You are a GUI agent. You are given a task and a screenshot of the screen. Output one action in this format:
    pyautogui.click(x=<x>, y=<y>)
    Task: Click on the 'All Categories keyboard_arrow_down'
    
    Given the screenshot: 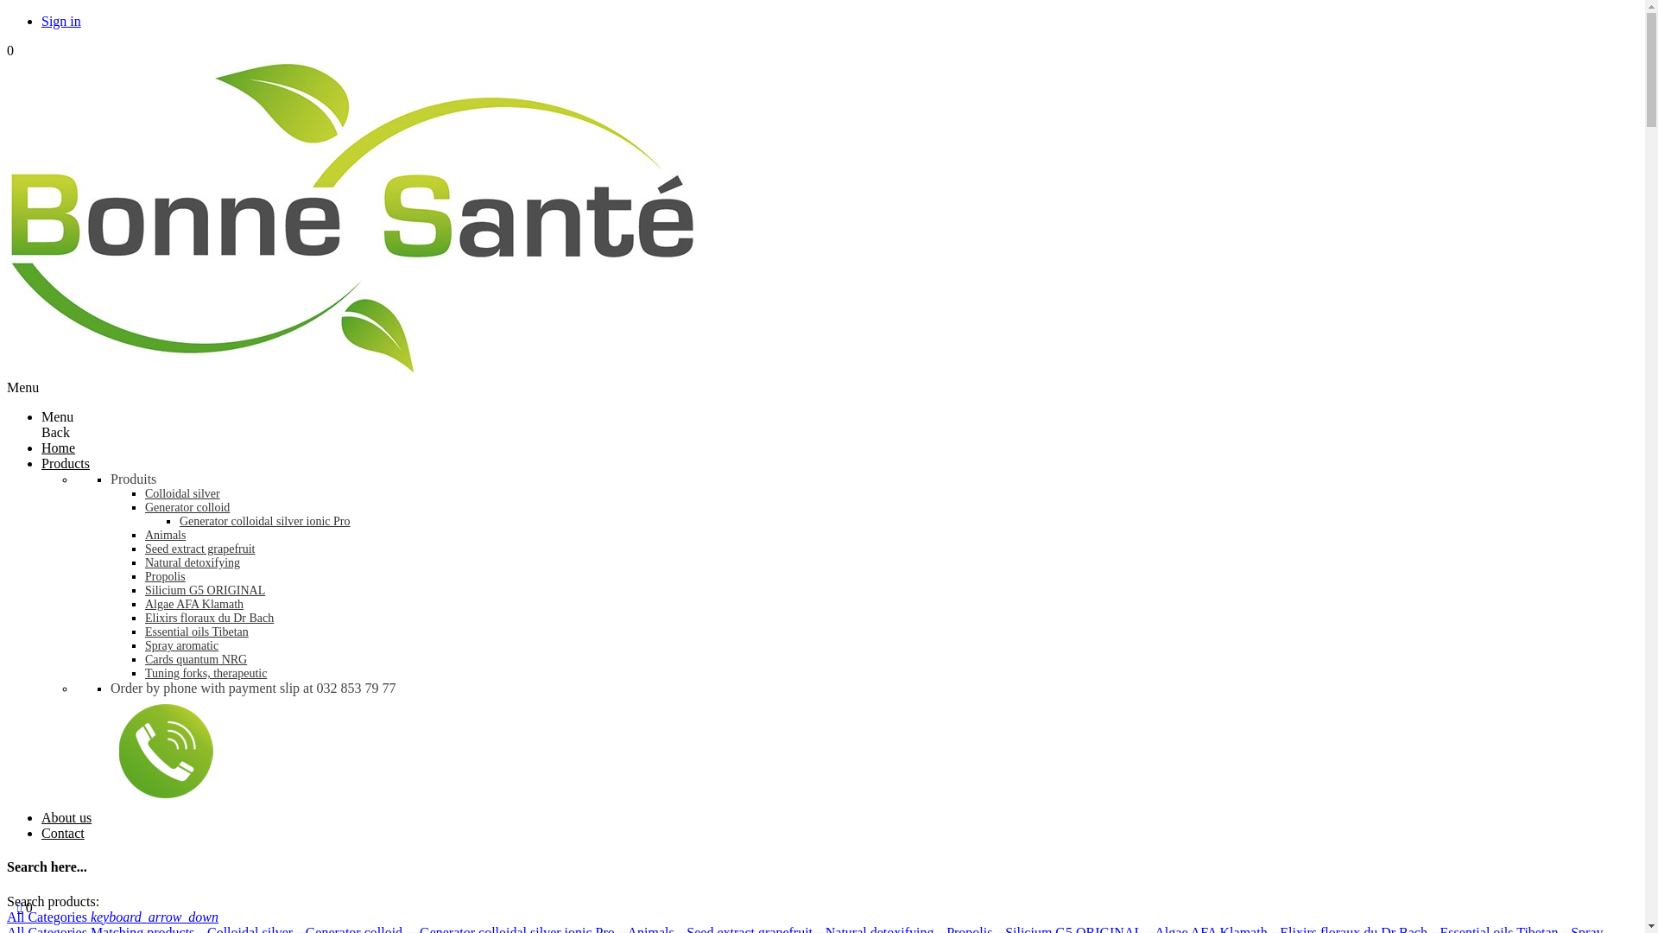 What is the action you would take?
    pyautogui.click(x=7, y=916)
    